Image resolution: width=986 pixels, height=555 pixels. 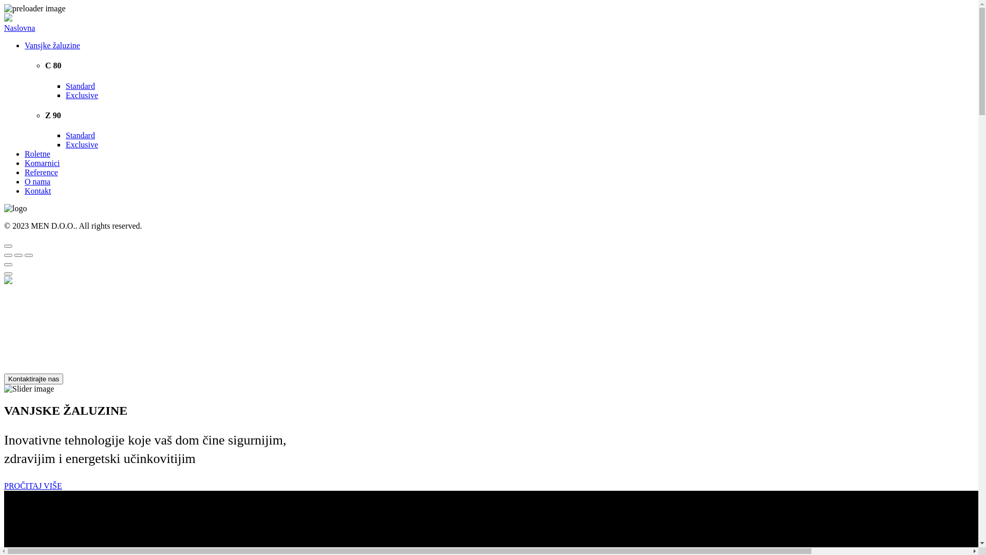 I want to click on 'O nama', so click(x=25, y=181).